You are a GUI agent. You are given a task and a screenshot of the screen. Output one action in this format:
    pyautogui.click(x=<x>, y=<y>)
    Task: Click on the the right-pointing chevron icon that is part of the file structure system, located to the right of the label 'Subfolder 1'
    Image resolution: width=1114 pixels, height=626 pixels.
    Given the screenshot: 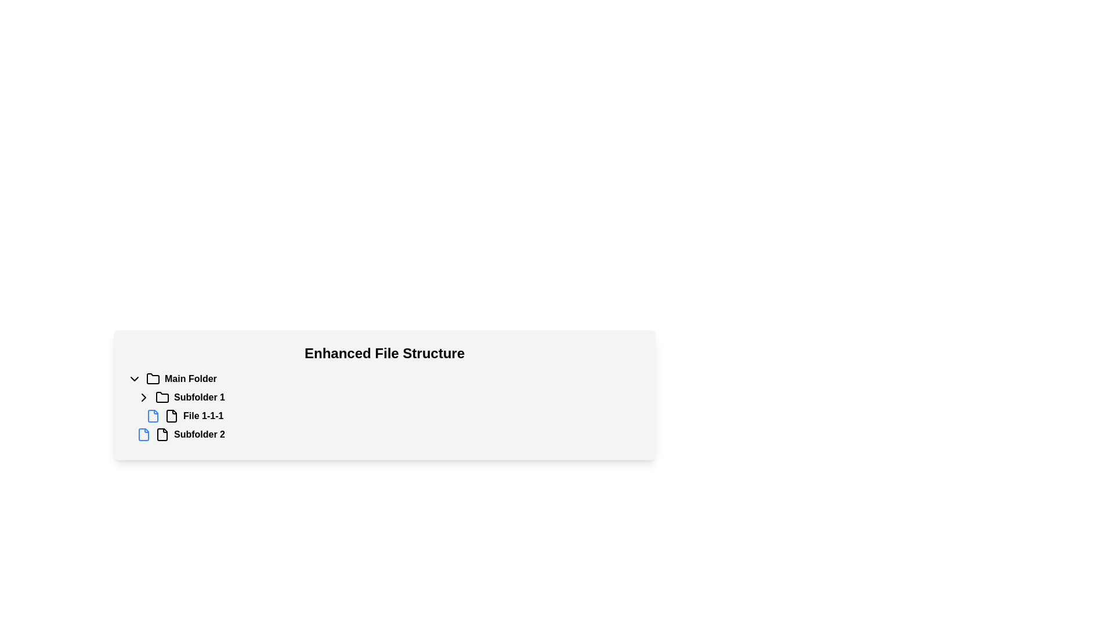 What is the action you would take?
    pyautogui.click(x=143, y=397)
    